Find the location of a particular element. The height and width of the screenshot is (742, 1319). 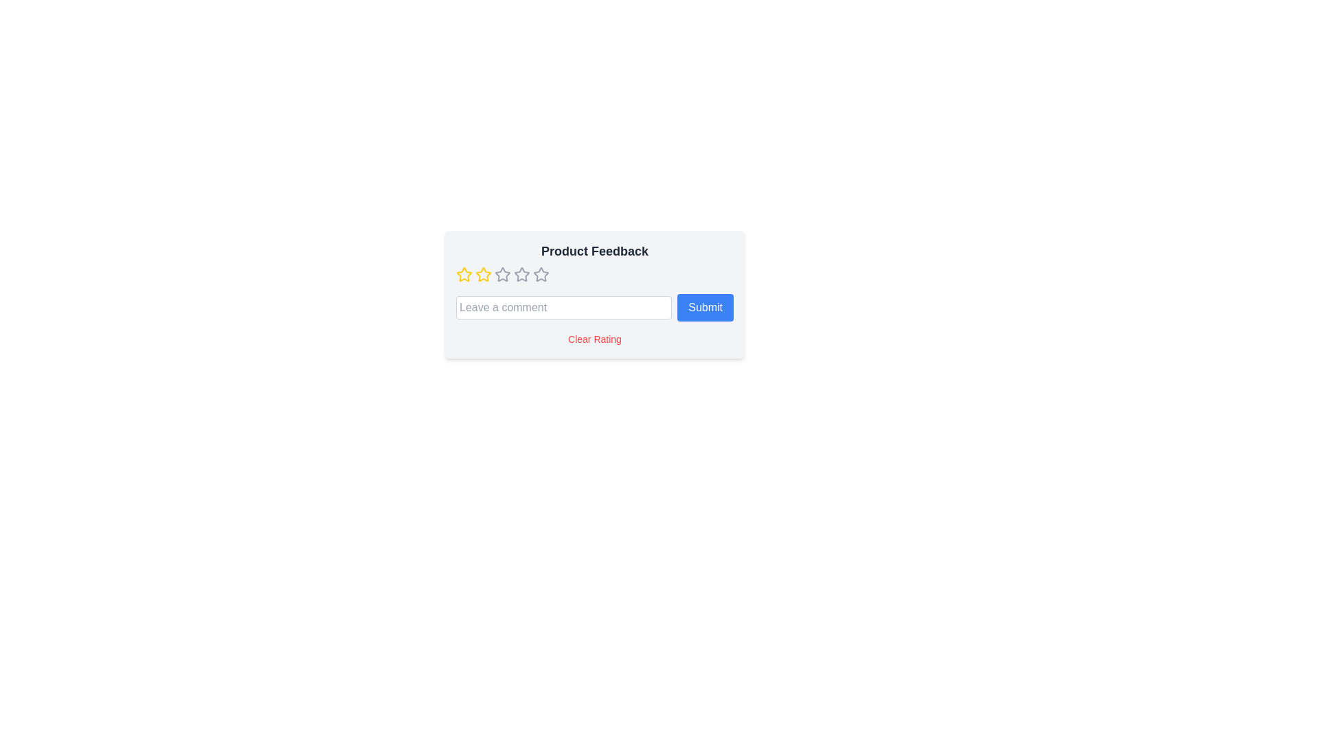

the rating to 4 by clicking on the corresponding star is located at coordinates (521, 275).